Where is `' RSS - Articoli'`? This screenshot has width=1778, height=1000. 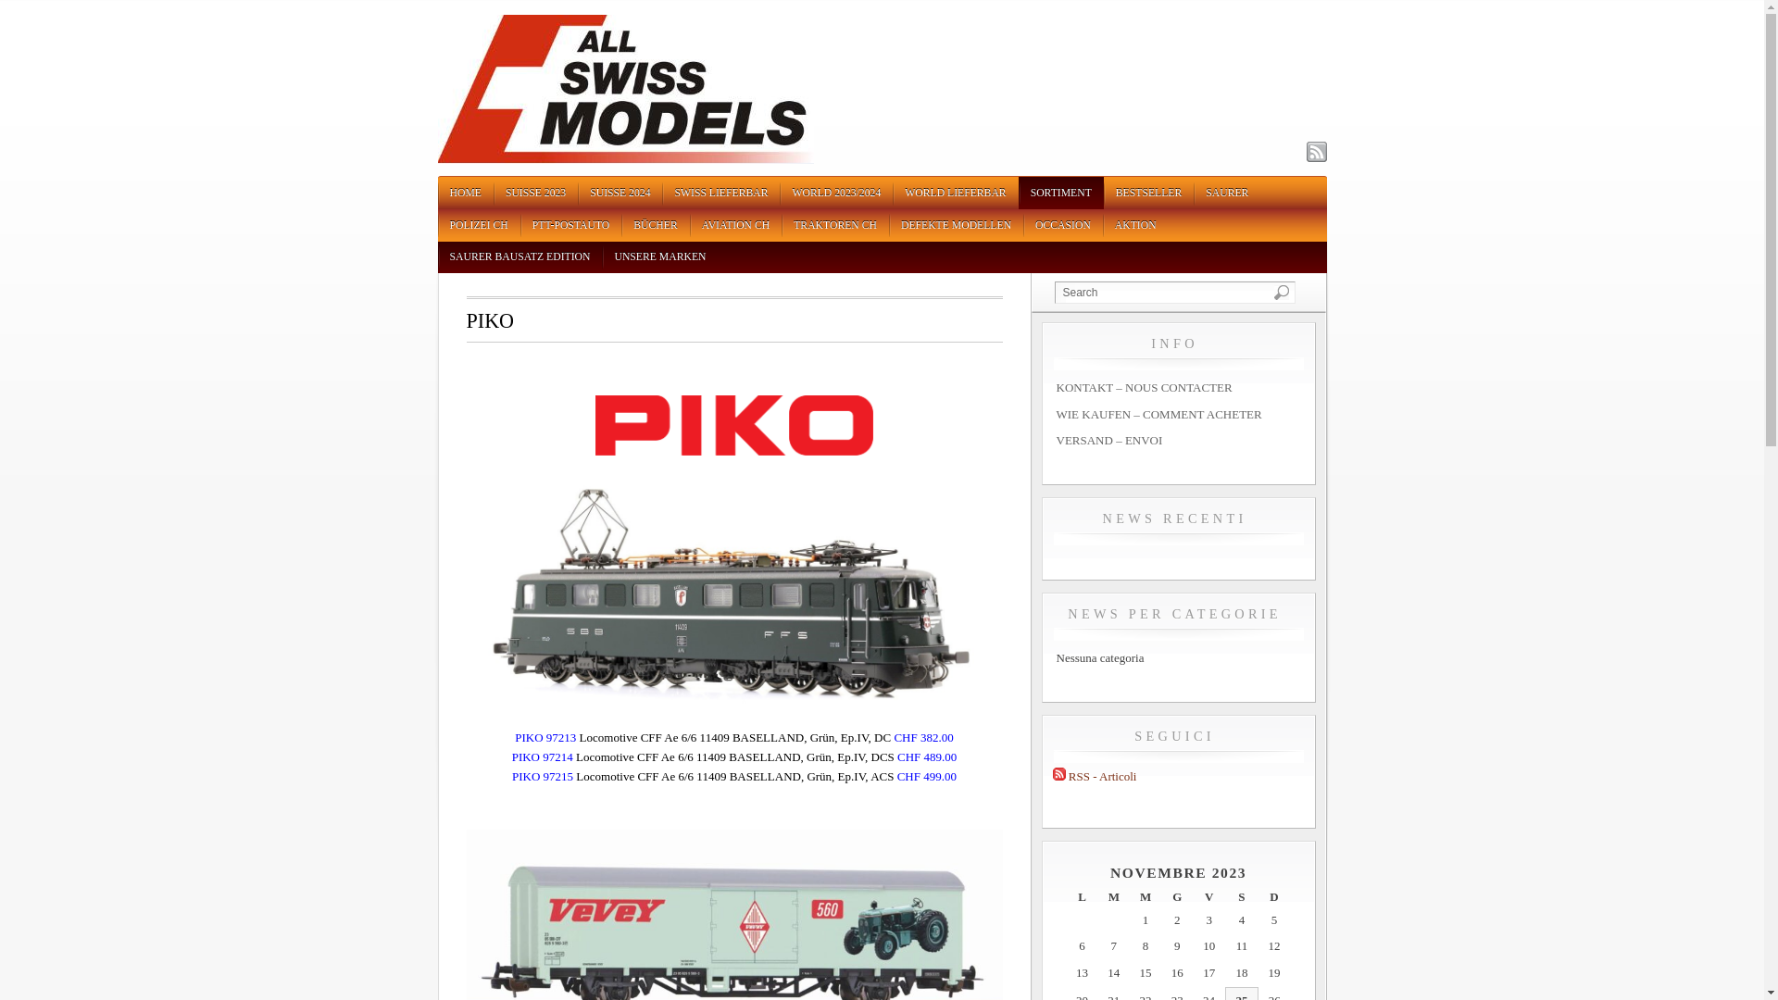
' RSS - Articoli' is located at coordinates (1094, 776).